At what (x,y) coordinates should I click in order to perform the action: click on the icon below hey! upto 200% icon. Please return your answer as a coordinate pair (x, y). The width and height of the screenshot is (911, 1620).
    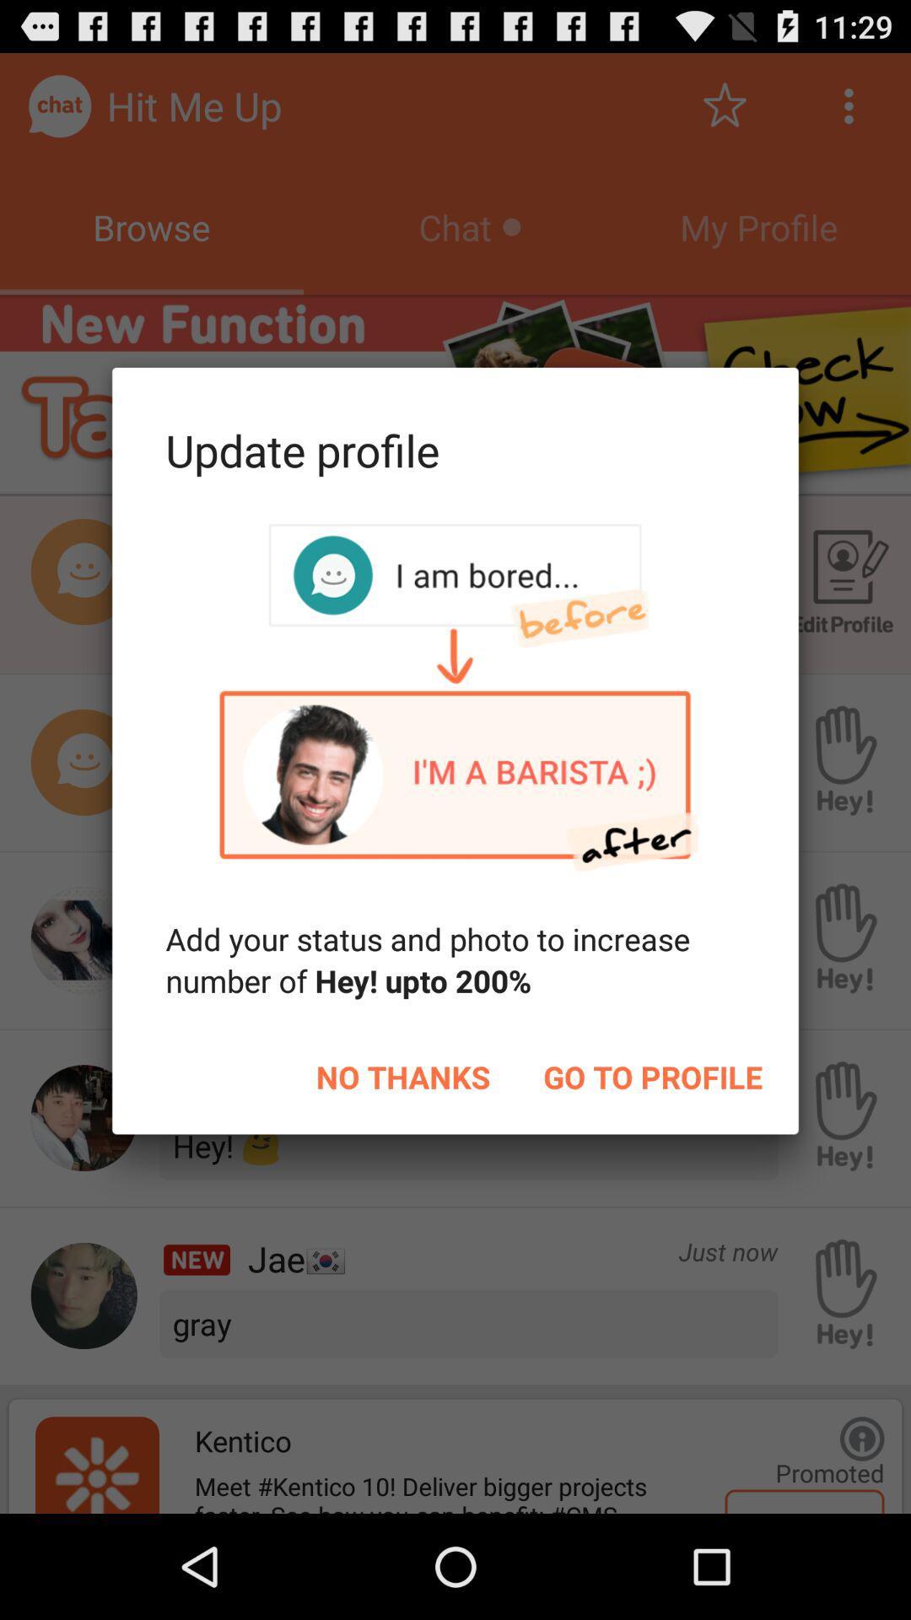
    Looking at the image, I should click on (652, 1076).